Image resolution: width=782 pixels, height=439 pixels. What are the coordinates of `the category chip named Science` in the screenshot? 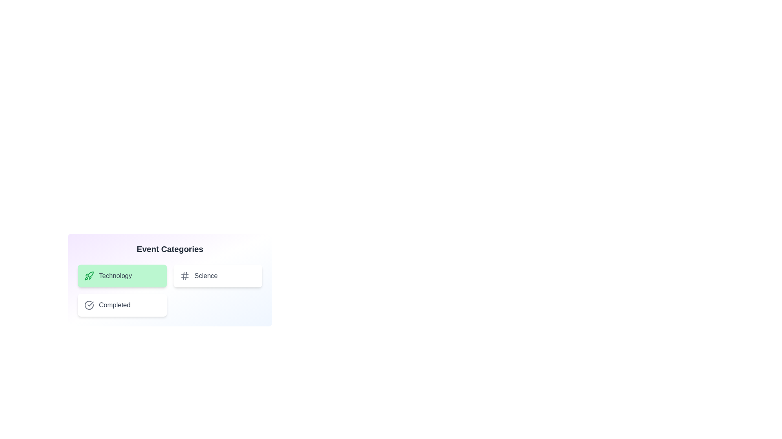 It's located at (217, 275).